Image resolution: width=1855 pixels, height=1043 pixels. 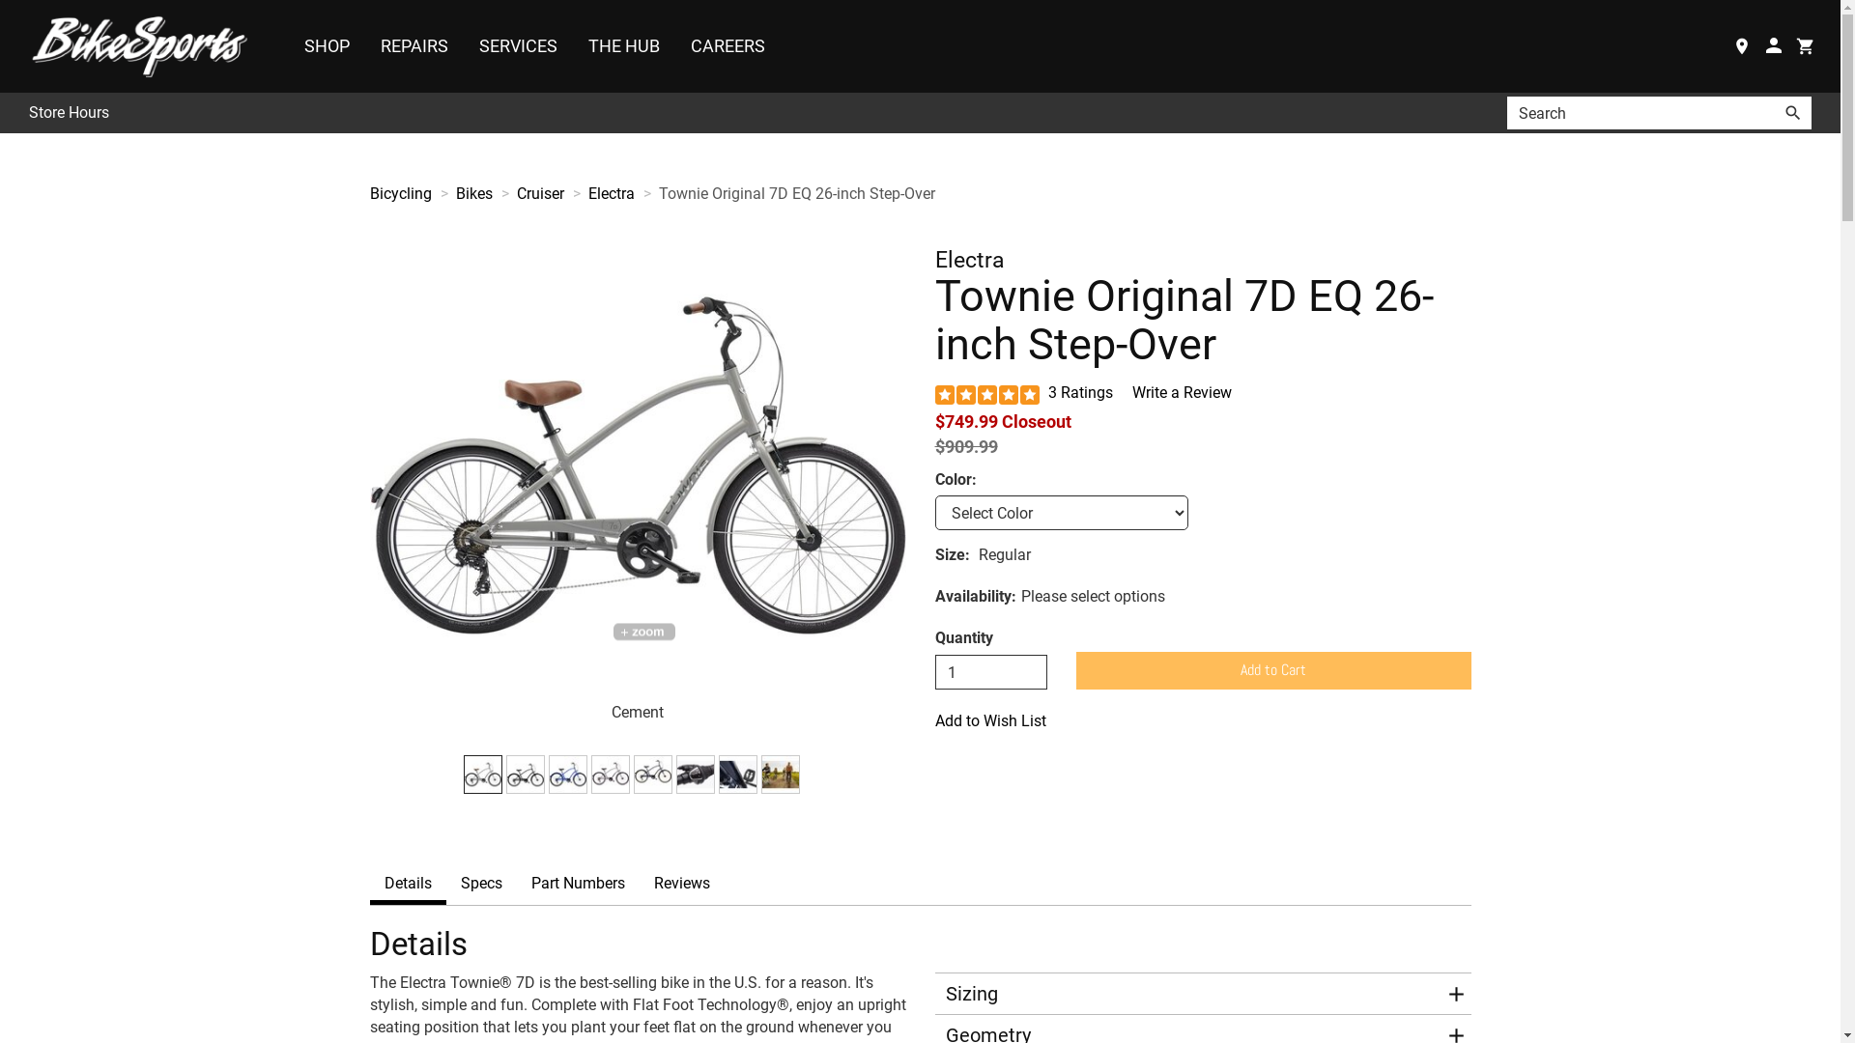 I want to click on '3 Ratings', so click(x=1079, y=391).